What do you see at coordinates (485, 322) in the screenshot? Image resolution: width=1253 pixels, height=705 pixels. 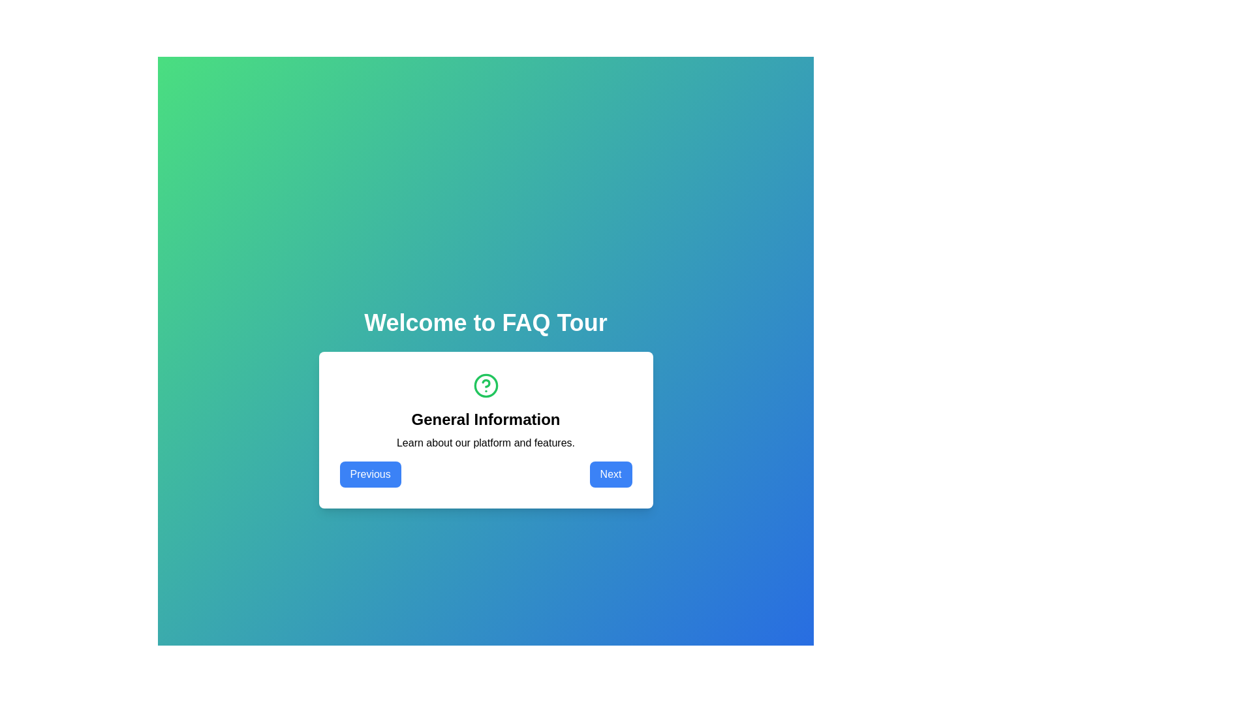 I see `the text heading that reads 'Welcome to FAQ Tour', which is located at the top-center of the page, above the card-like section containing buttons labeled 'Previous' and 'Next'` at bounding box center [485, 322].